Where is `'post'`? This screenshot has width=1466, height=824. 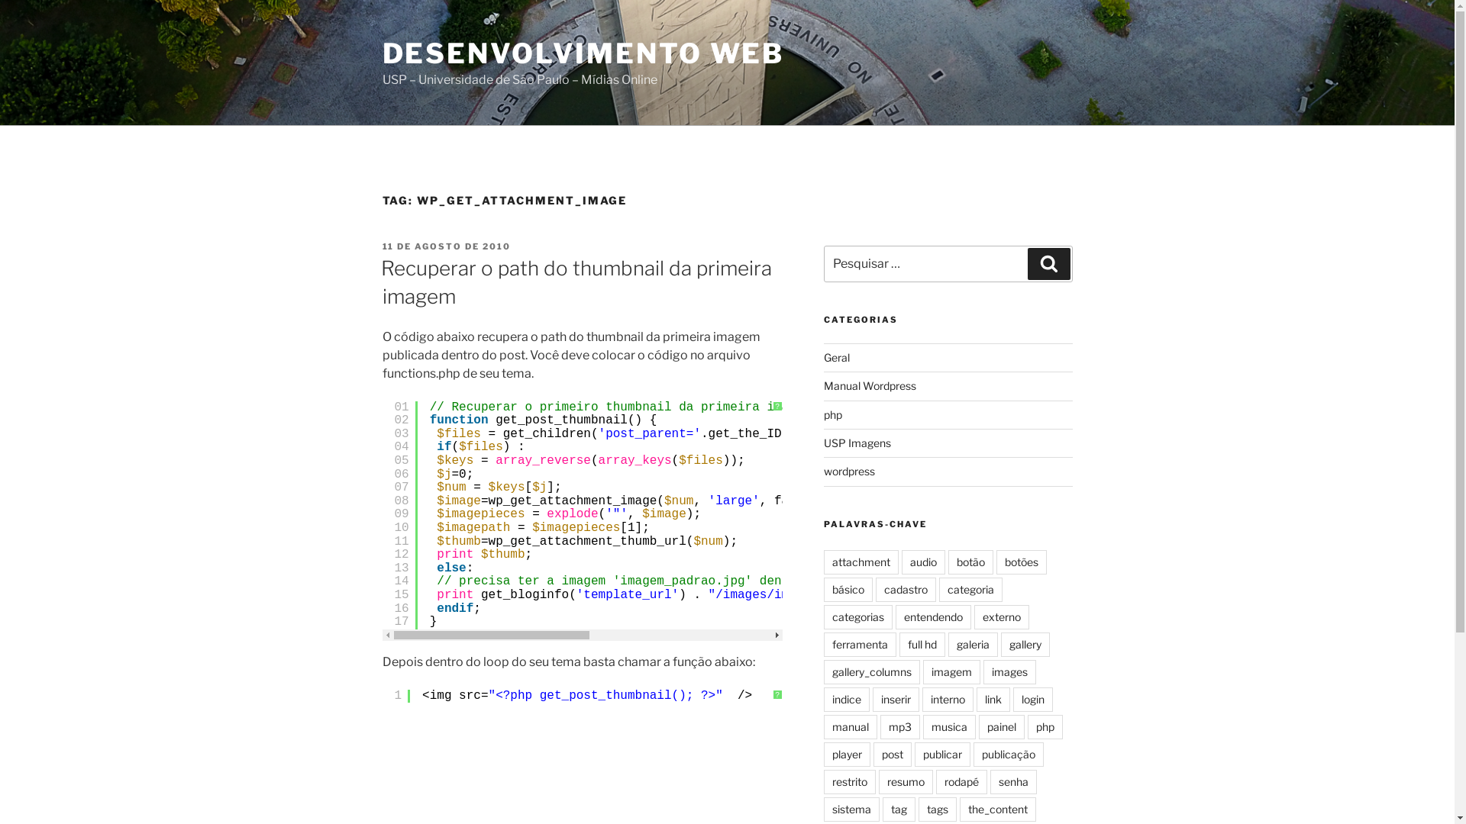
'post' is located at coordinates (893, 753).